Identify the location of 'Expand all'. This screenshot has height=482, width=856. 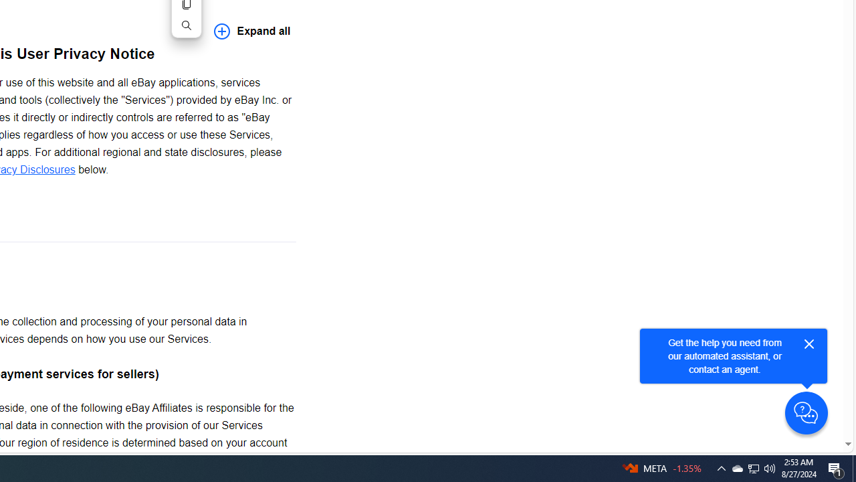
(252, 30).